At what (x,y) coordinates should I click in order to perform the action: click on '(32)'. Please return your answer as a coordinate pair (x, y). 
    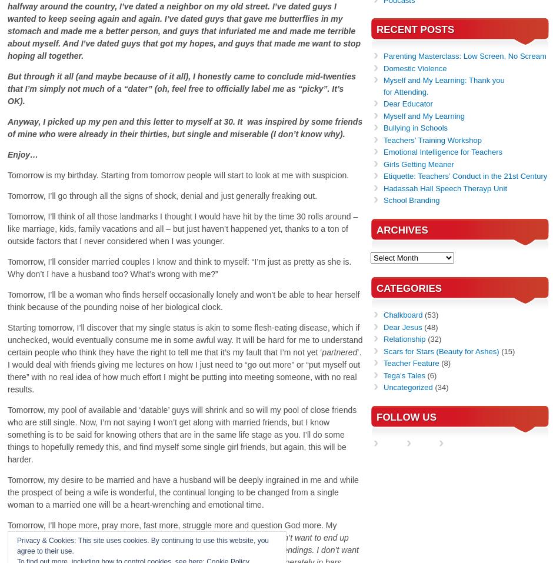
    Looking at the image, I should click on (433, 338).